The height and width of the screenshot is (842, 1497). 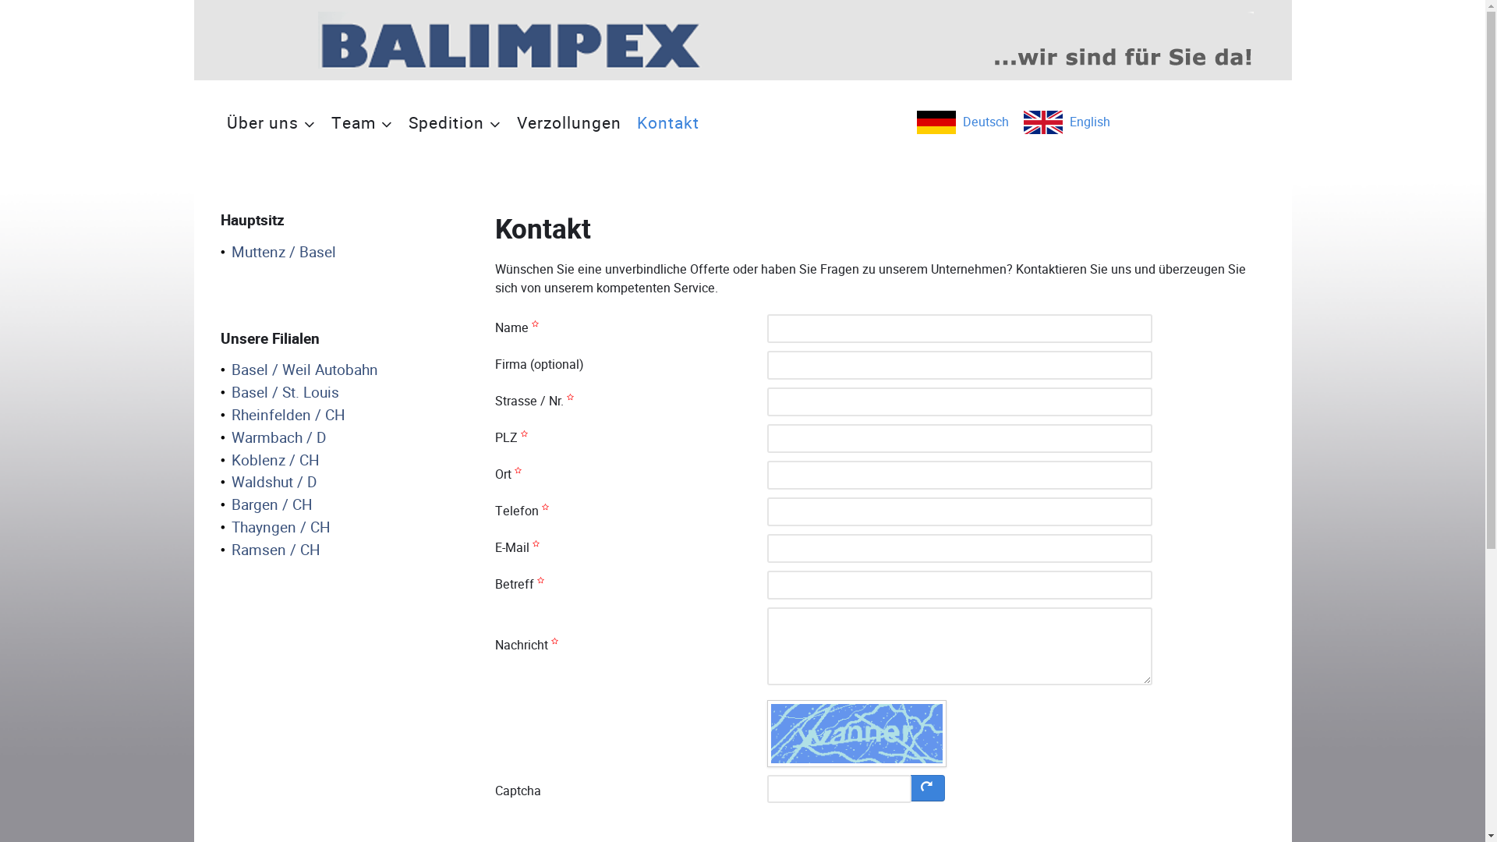 I want to click on 'Waldshut / D', so click(x=219, y=482).